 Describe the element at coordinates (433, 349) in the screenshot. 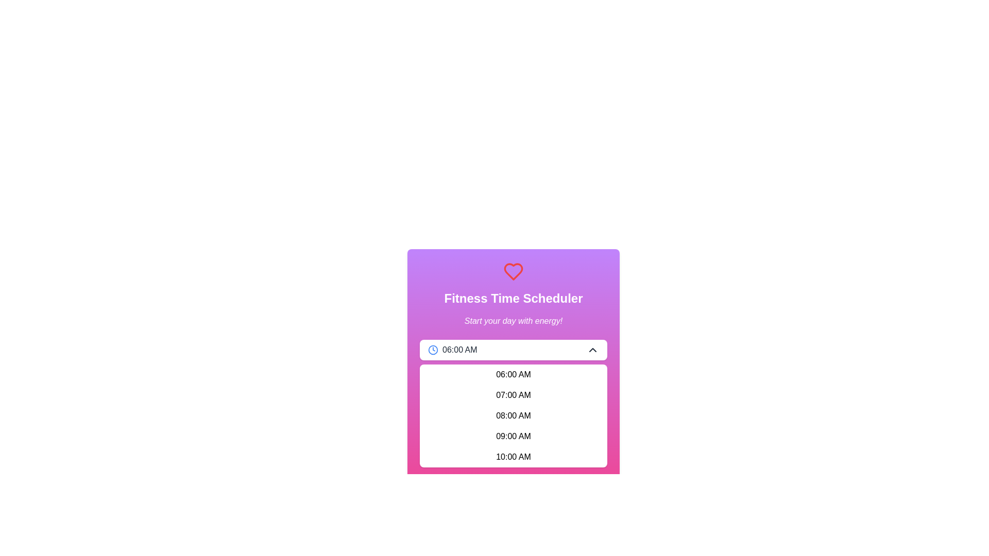

I see `the outer circle of the clock icon located to the far left of the '06:00 AM' time in the dropdown menu` at that location.